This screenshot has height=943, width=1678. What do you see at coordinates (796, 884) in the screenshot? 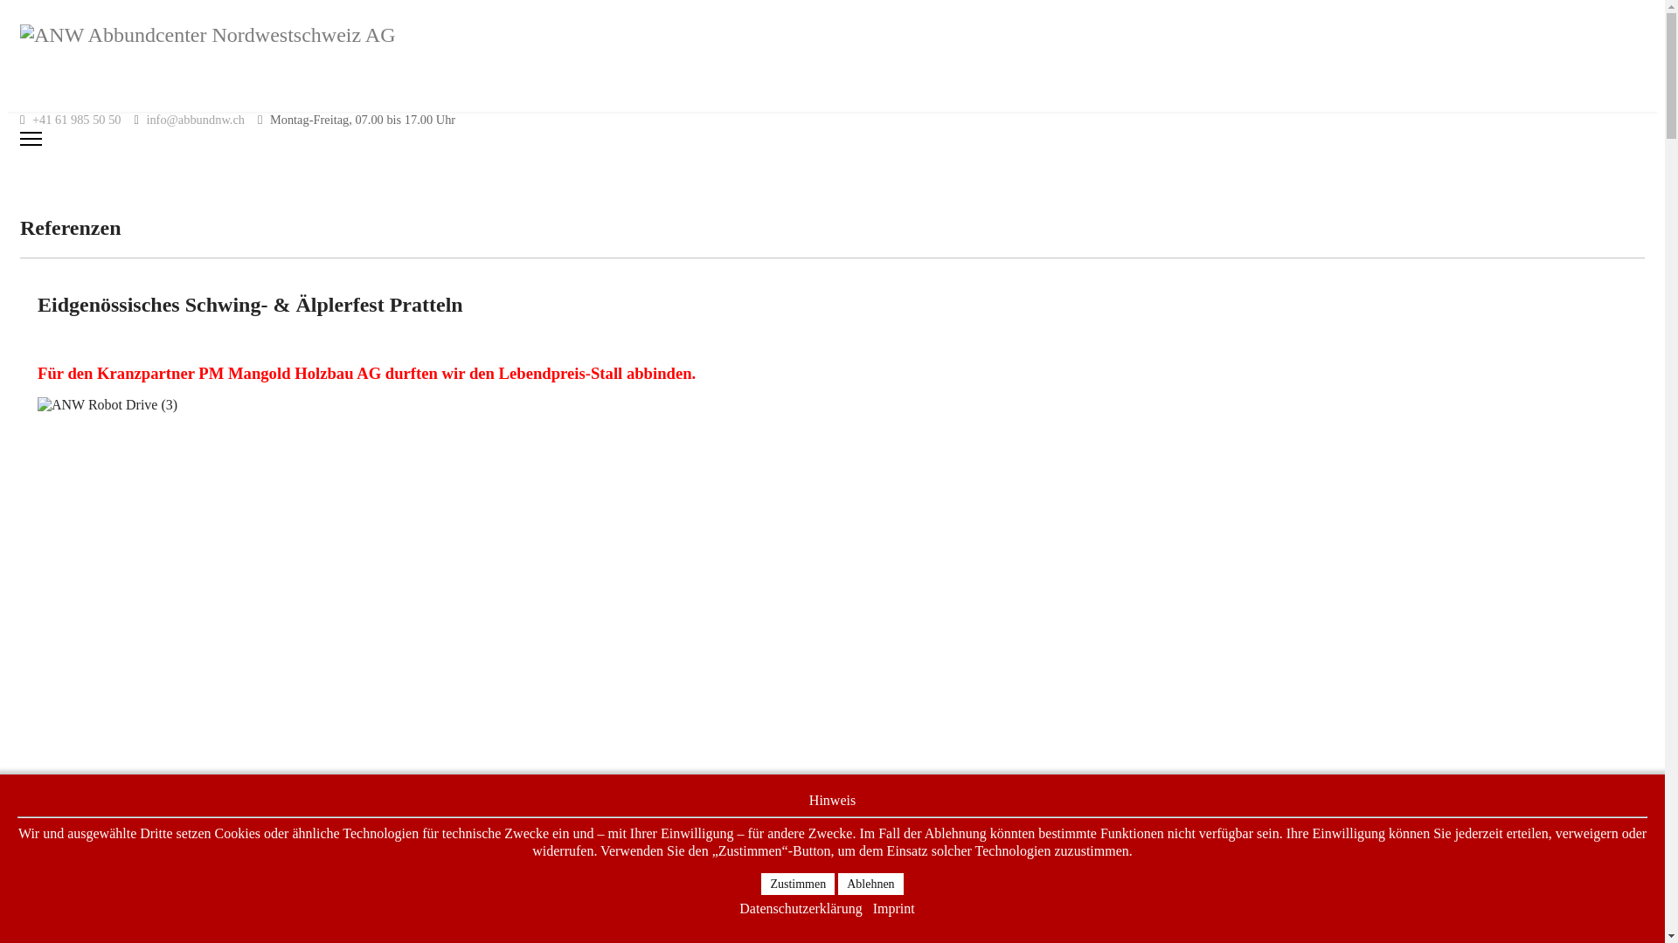
I see `'Zustimmen'` at bounding box center [796, 884].